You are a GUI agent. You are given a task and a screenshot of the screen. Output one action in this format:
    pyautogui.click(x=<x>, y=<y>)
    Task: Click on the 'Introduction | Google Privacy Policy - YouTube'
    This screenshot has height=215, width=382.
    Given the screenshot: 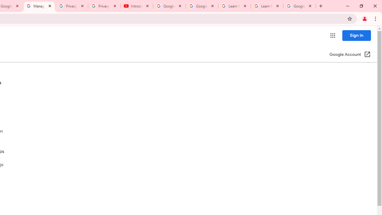 What is the action you would take?
    pyautogui.click(x=136, y=6)
    